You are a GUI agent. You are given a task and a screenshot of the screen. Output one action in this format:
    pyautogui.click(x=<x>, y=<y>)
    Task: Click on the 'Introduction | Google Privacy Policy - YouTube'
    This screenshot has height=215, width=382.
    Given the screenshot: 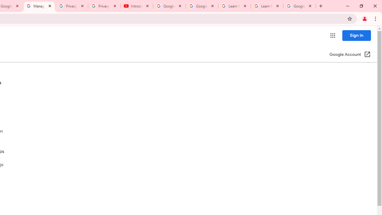 What is the action you would take?
    pyautogui.click(x=136, y=6)
    